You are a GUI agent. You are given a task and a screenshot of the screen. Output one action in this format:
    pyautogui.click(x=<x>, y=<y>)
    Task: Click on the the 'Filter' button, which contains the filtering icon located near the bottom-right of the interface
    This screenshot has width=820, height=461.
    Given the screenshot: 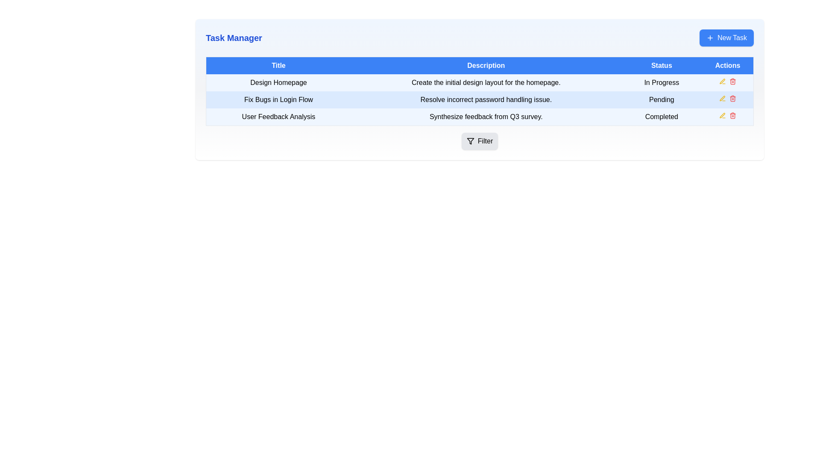 What is the action you would take?
    pyautogui.click(x=470, y=141)
    